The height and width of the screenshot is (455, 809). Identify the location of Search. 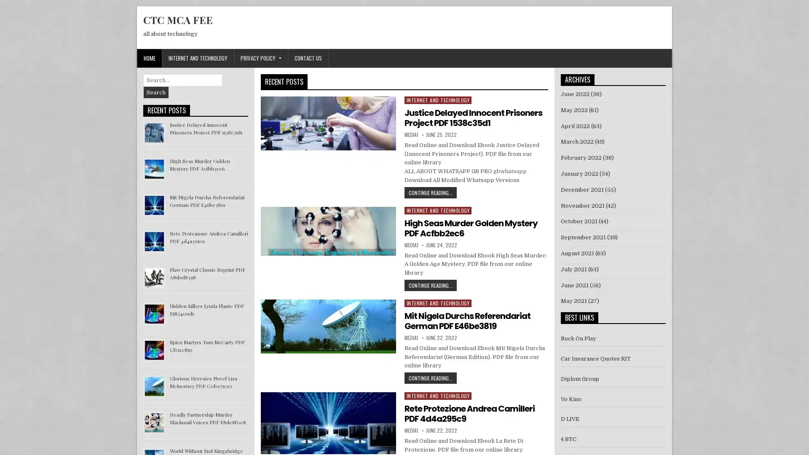
(156, 92).